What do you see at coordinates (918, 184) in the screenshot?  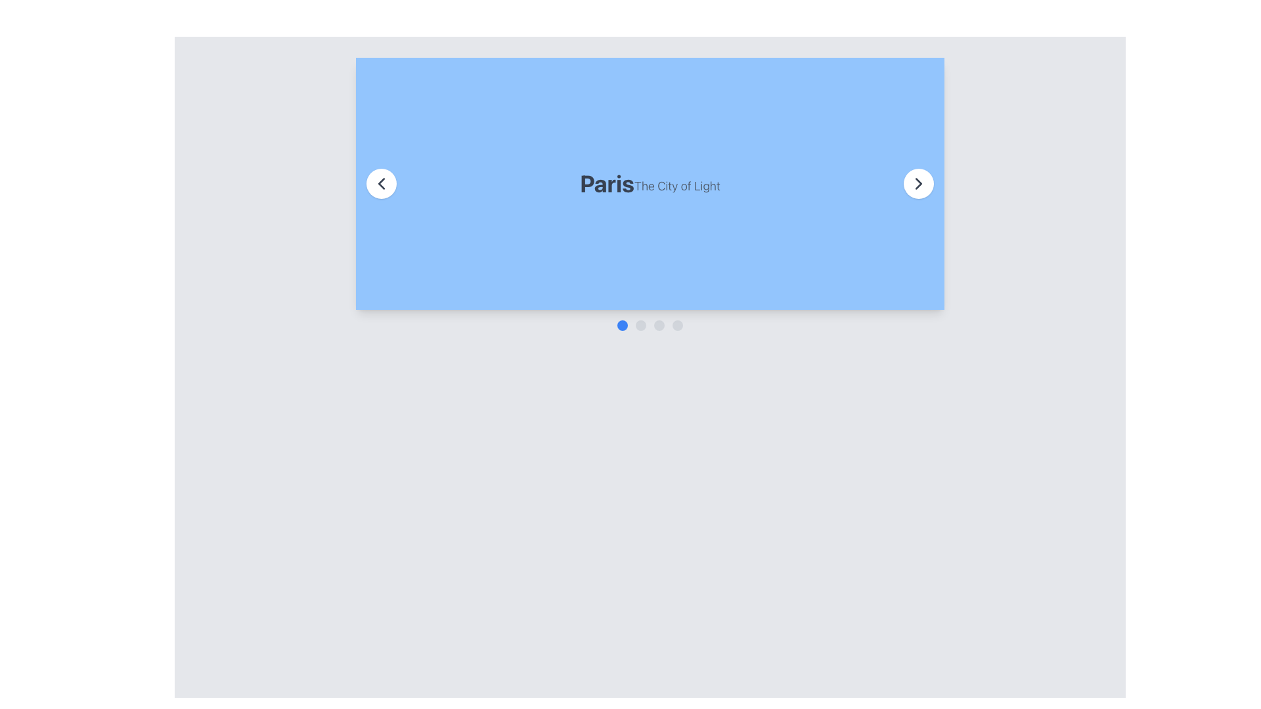 I see `the right navigation button of the carousel` at bounding box center [918, 184].